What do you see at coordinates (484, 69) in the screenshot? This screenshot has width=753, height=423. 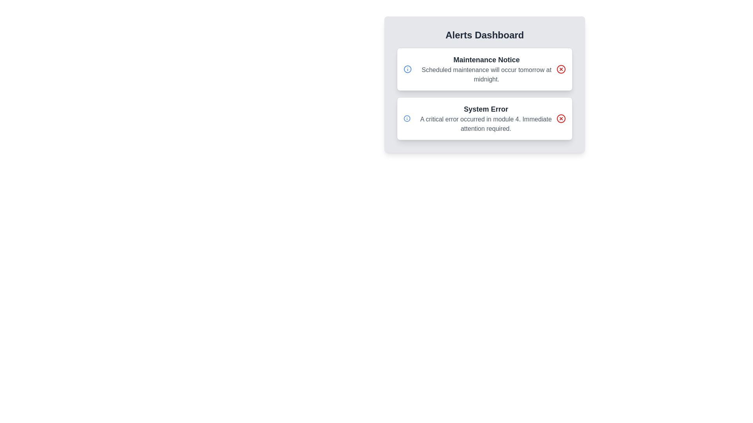 I see `text content of the Notification box located in the Alerts Dashboard panel, which is the first notification box directly under the heading` at bounding box center [484, 69].